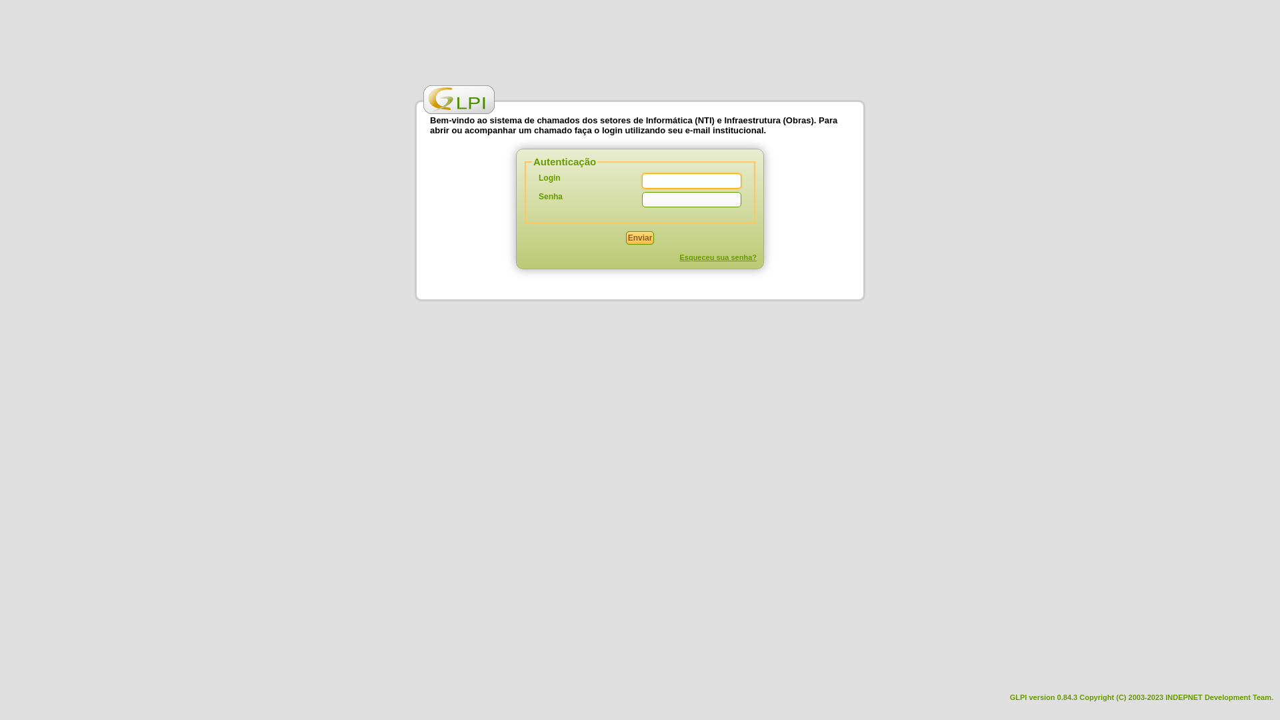 The width and height of the screenshot is (1280, 720). I want to click on 'Enviar', so click(640, 237).